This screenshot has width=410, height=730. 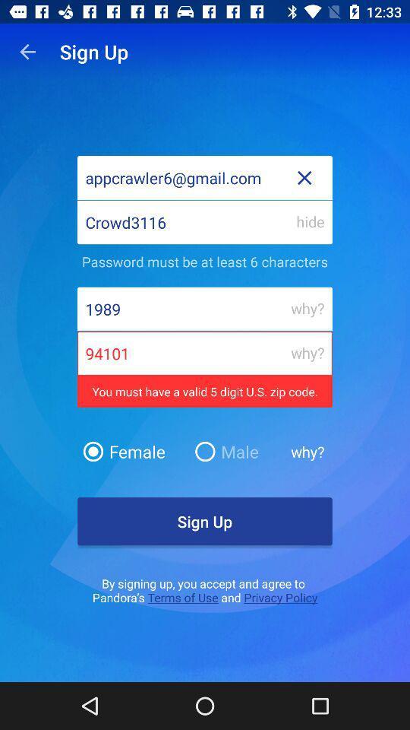 What do you see at coordinates (205, 177) in the screenshot?
I see `appcrawler6gmailcom` at bounding box center [205, 177].